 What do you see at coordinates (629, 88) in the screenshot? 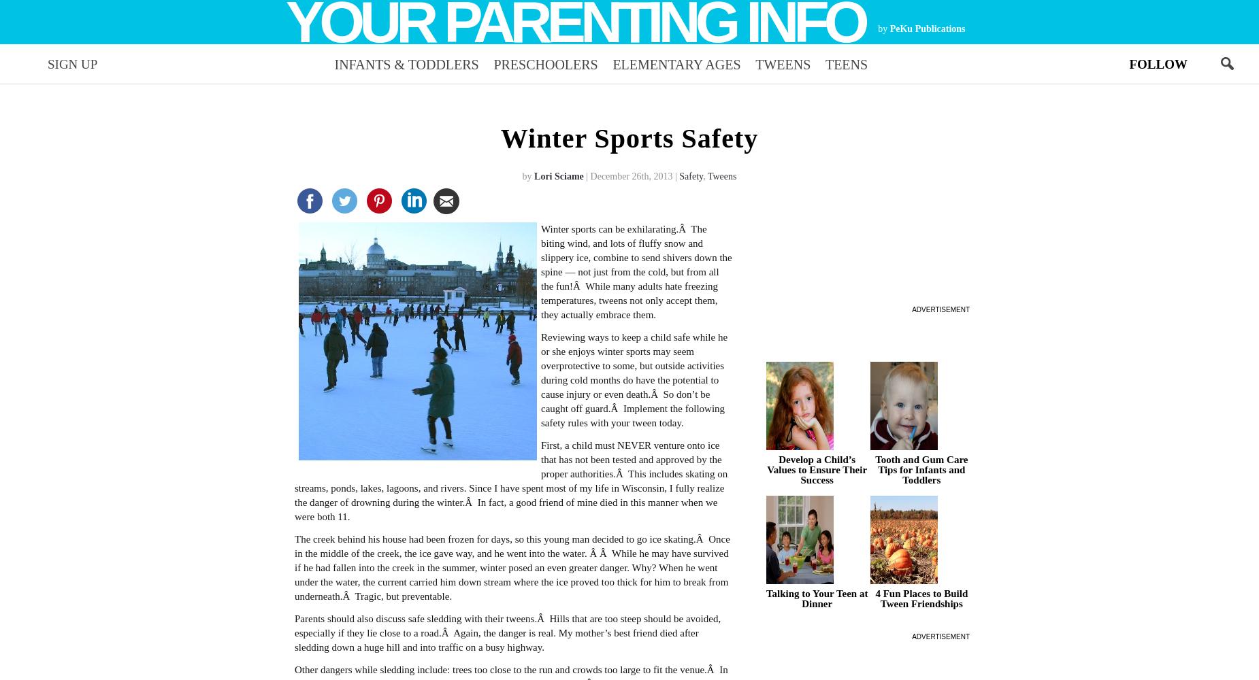
I see `'parenting advice every week.'` at bounding box center [629, 88].